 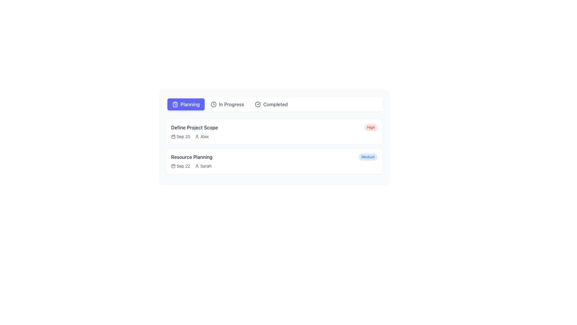 I want to click on the static text label that serves as a title for a task or item in the interface, positioned within the 'Define Project Scope' section and adjacent to the 'Medium' label, so click(x=191, y=156).